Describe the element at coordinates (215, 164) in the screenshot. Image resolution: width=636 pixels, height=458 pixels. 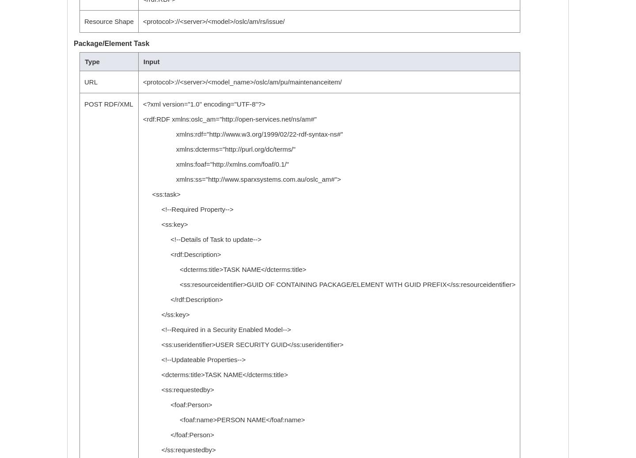
I see `'xmlns:foaf="http://xmlns.com/foaf/0.1/"'` at that location.